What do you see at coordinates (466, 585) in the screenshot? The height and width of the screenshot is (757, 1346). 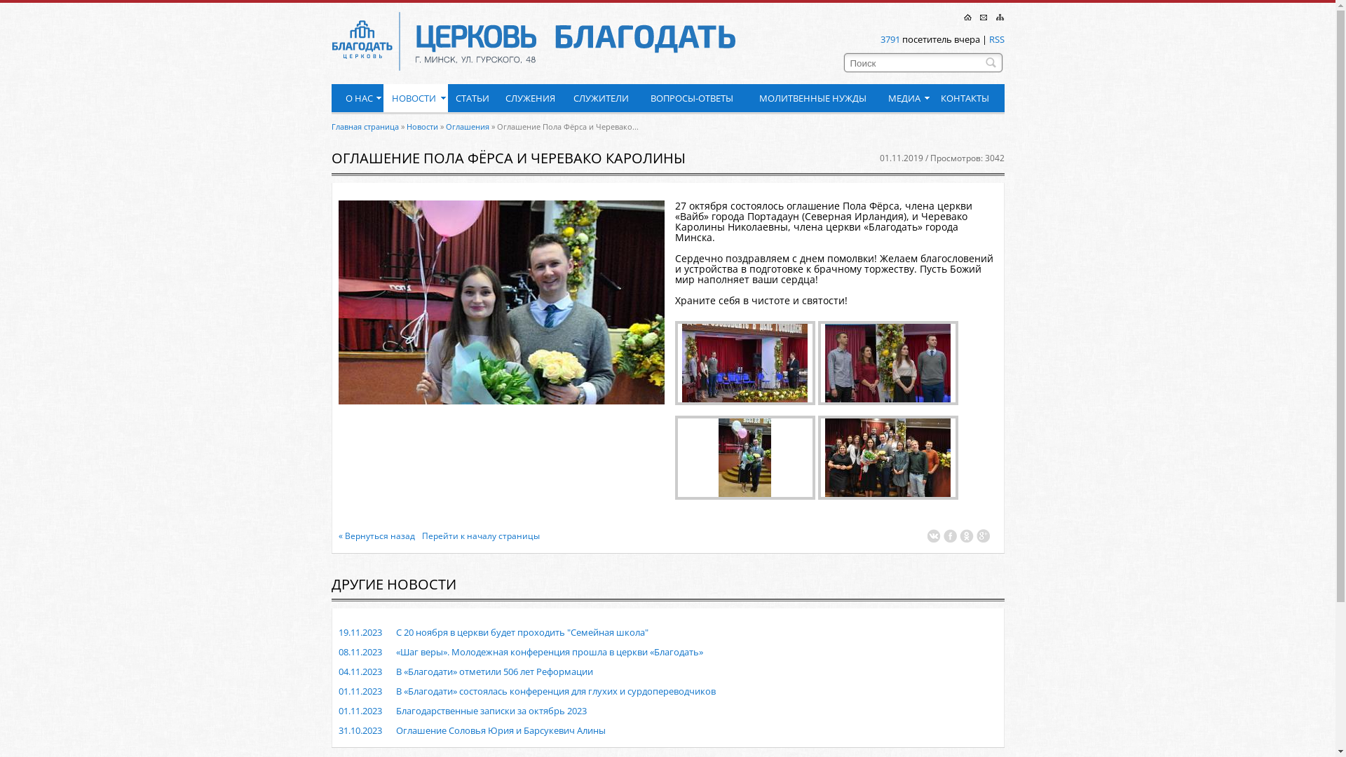 I see `' '` at bounding box center [466, 585].